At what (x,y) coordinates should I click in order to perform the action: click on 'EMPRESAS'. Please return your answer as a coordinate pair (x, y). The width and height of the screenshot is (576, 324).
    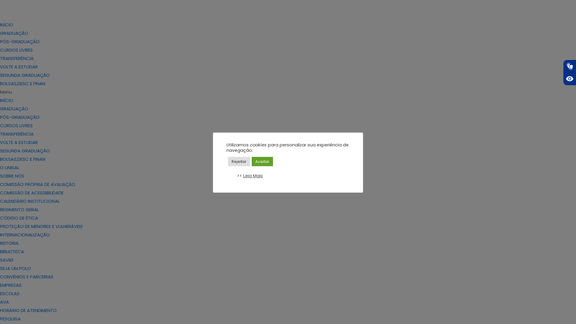
    Looking at the image, I should click on (10, 285).